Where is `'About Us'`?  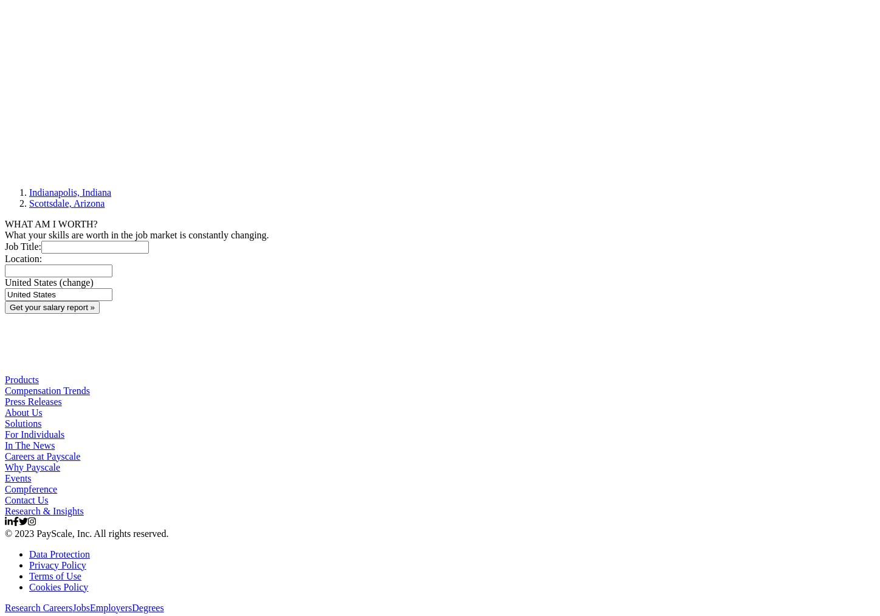
'About Us' is located at coordinates (23, 411).